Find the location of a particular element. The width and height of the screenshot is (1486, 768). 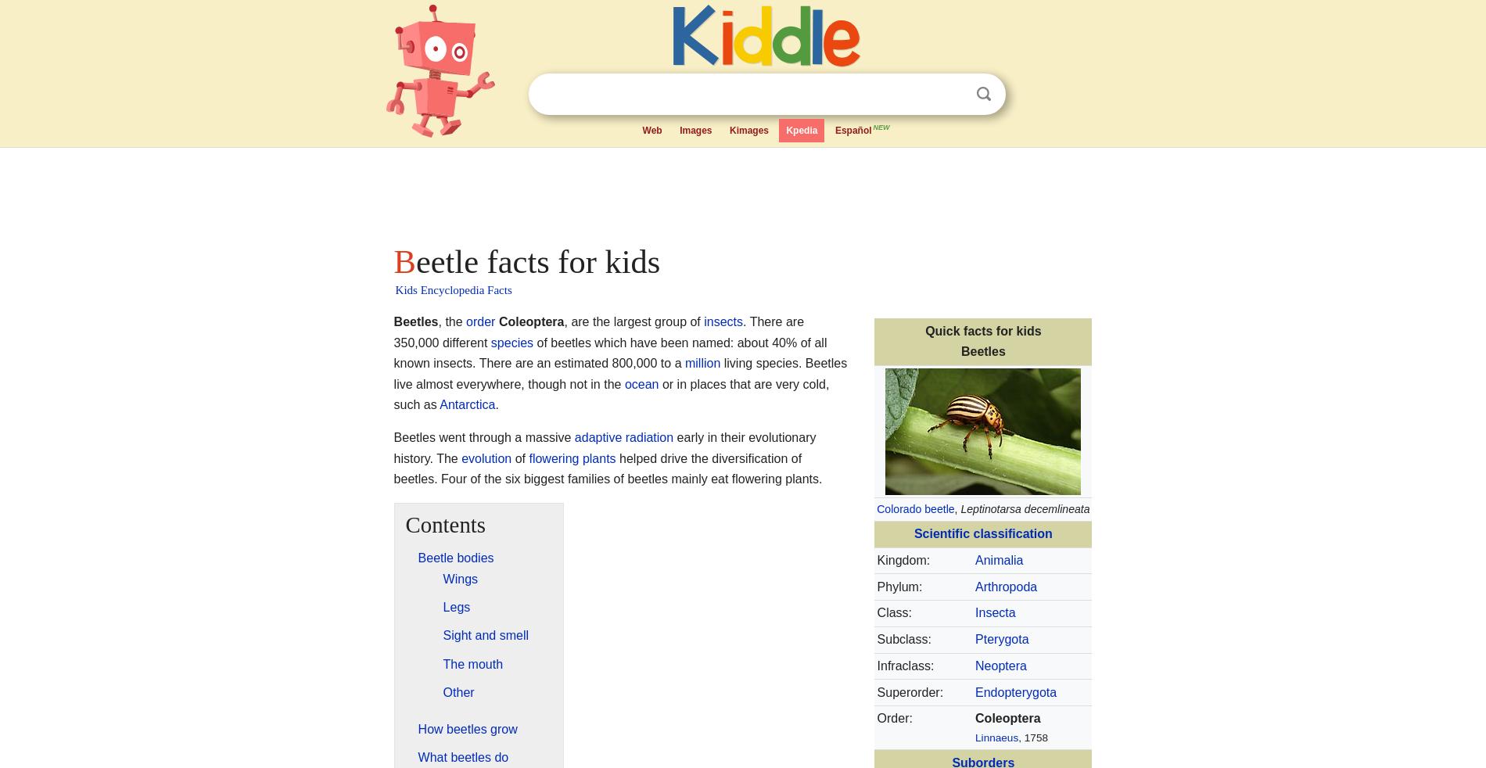

'Sight and smell' is located at coordinates (485, 635).